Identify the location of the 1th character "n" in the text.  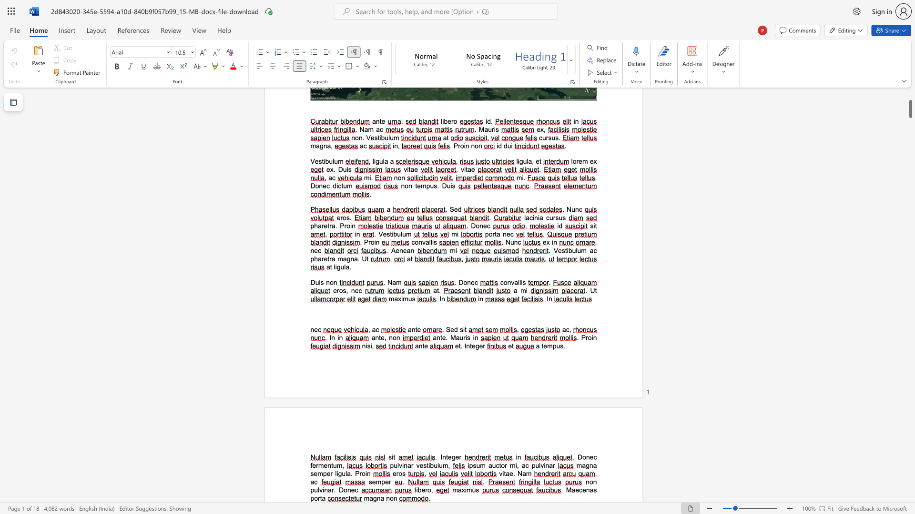
(378, 498).